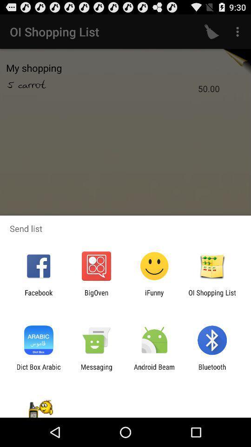  What do you see at coordinates (212, 371) in the screenshot?
I see `the bluetooth` at bounding box center [212, 371].